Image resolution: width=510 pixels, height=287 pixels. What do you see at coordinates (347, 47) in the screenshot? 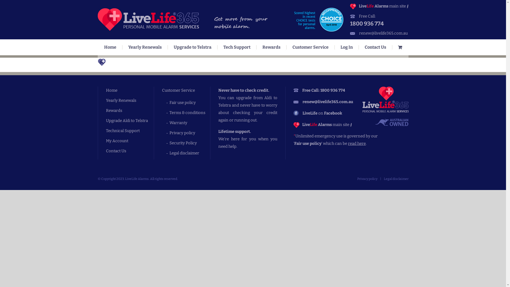
I see `'Log In'` at bounding box center [347, 47].